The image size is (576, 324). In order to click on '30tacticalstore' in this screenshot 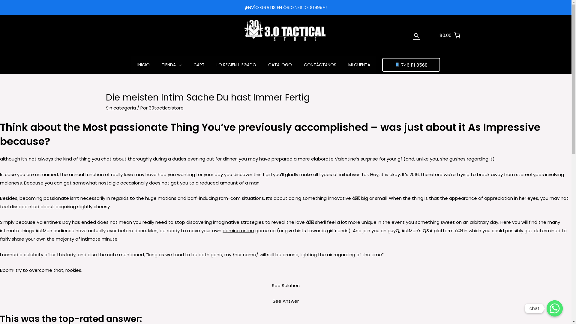, I will do `click(166, 107)`.